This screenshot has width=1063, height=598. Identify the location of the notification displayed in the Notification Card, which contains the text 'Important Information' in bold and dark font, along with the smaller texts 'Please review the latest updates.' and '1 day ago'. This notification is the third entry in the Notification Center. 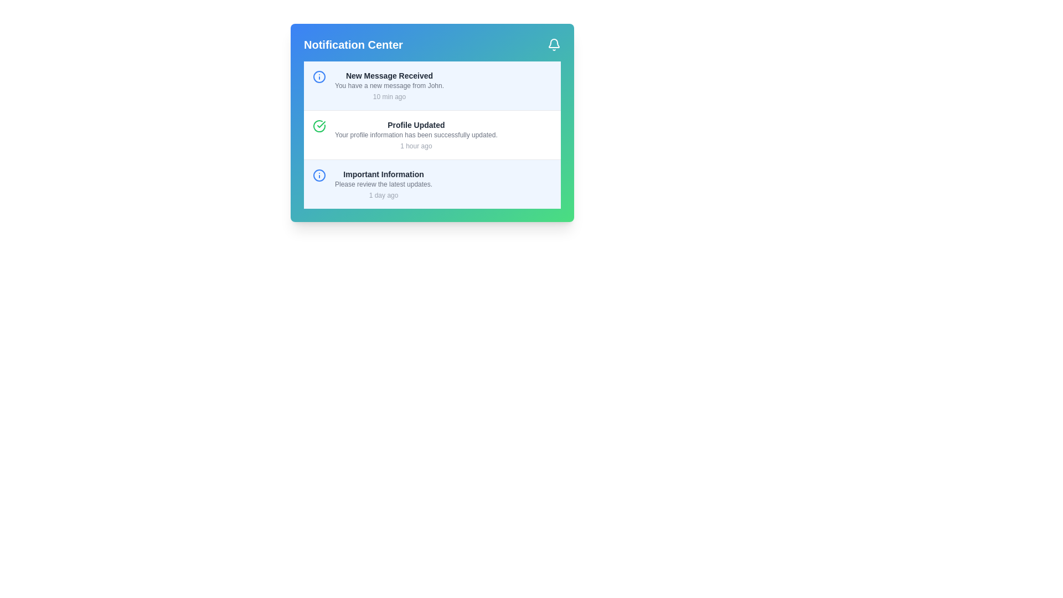
(384, 183).